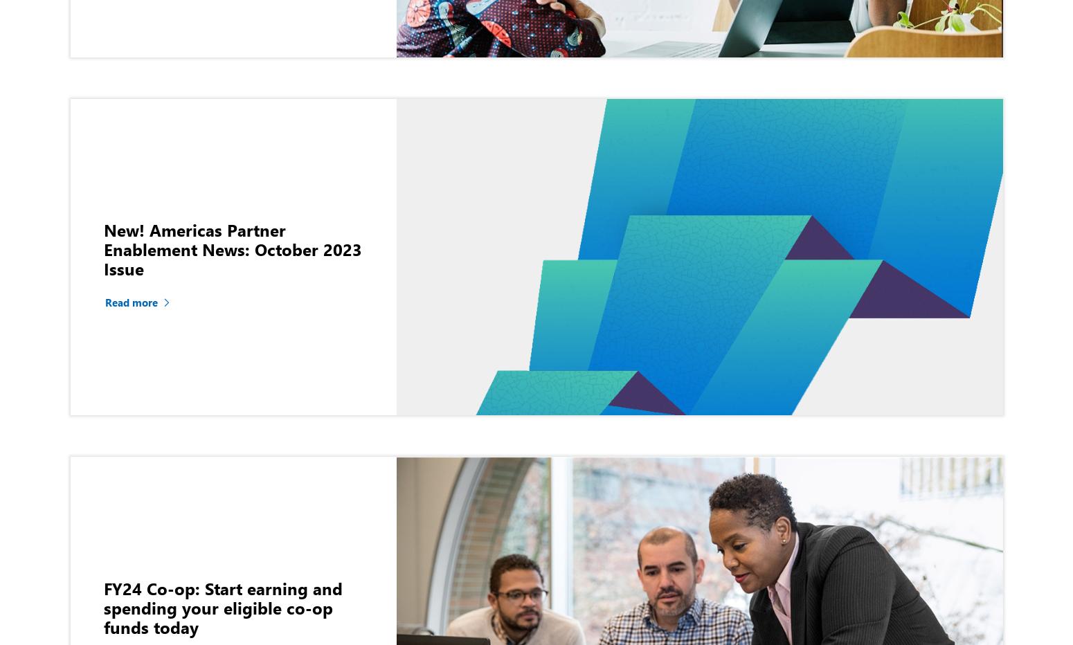 This screenshot has width=1073, height=645. What do you see at coordinates (480, 282) in the screenshot?
I see `'2'` at bounding box center [480, 282].